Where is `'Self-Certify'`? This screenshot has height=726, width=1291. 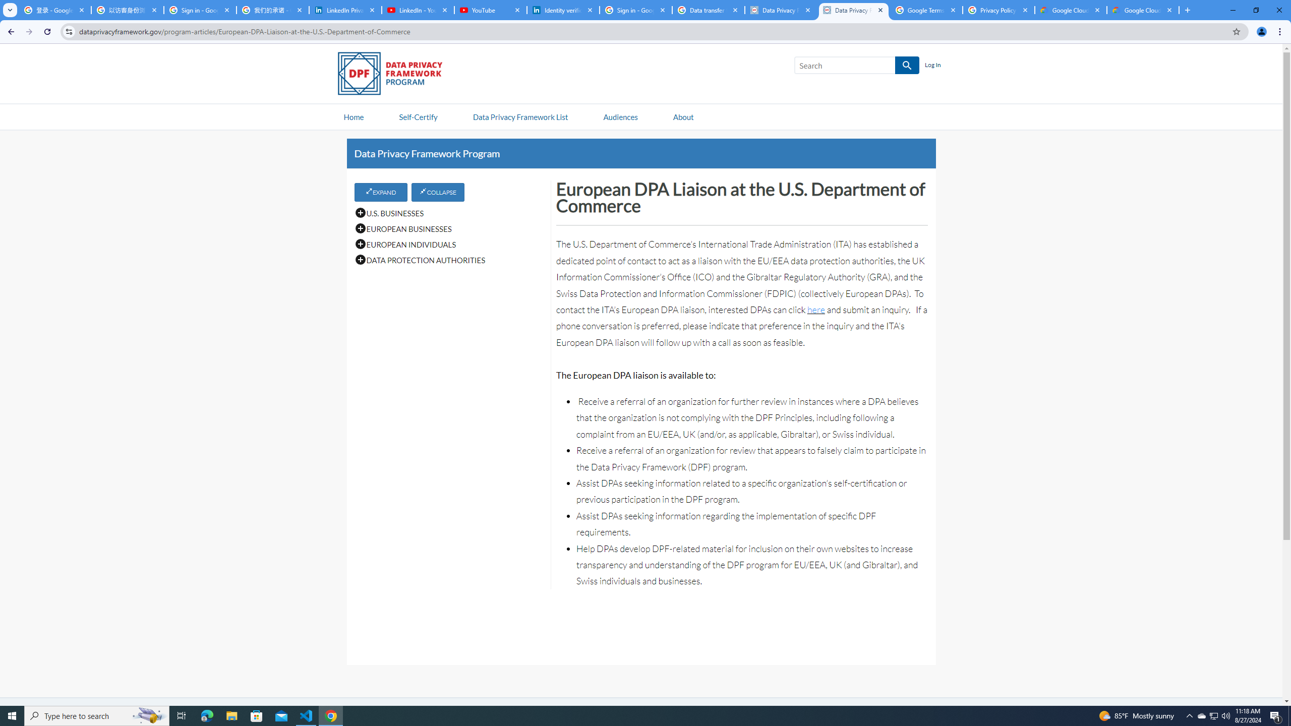
'Self-Certify' is located at coordinates (418, 116).